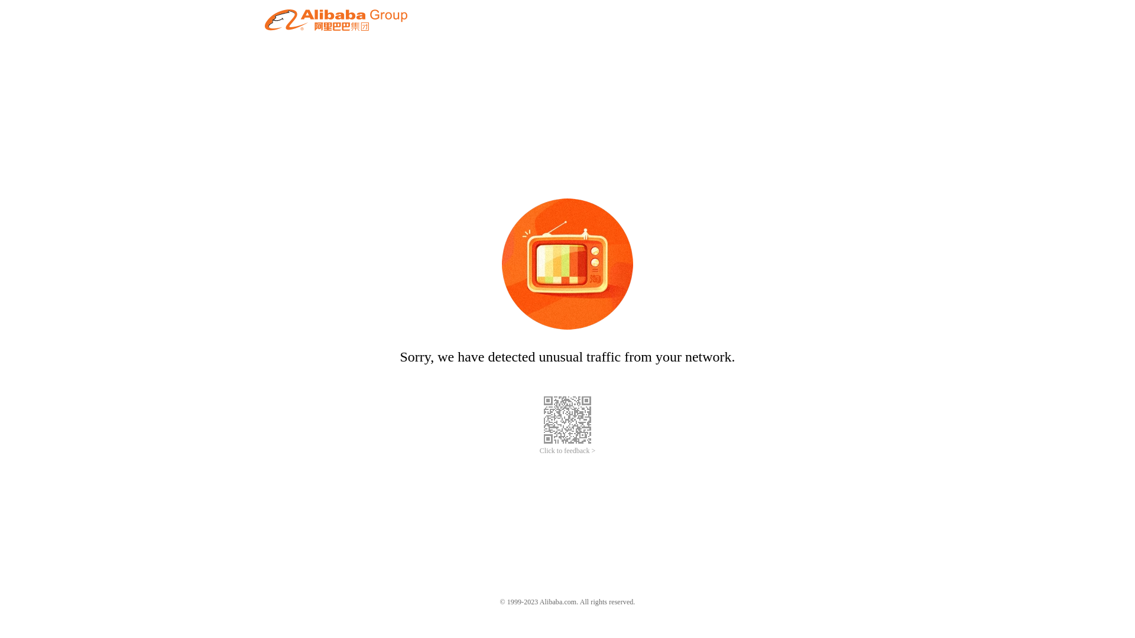  What do you see at coordinates (567, 451) in the screenshot?
I see `'Click to feedback >'` at bounding box center [567, 451].